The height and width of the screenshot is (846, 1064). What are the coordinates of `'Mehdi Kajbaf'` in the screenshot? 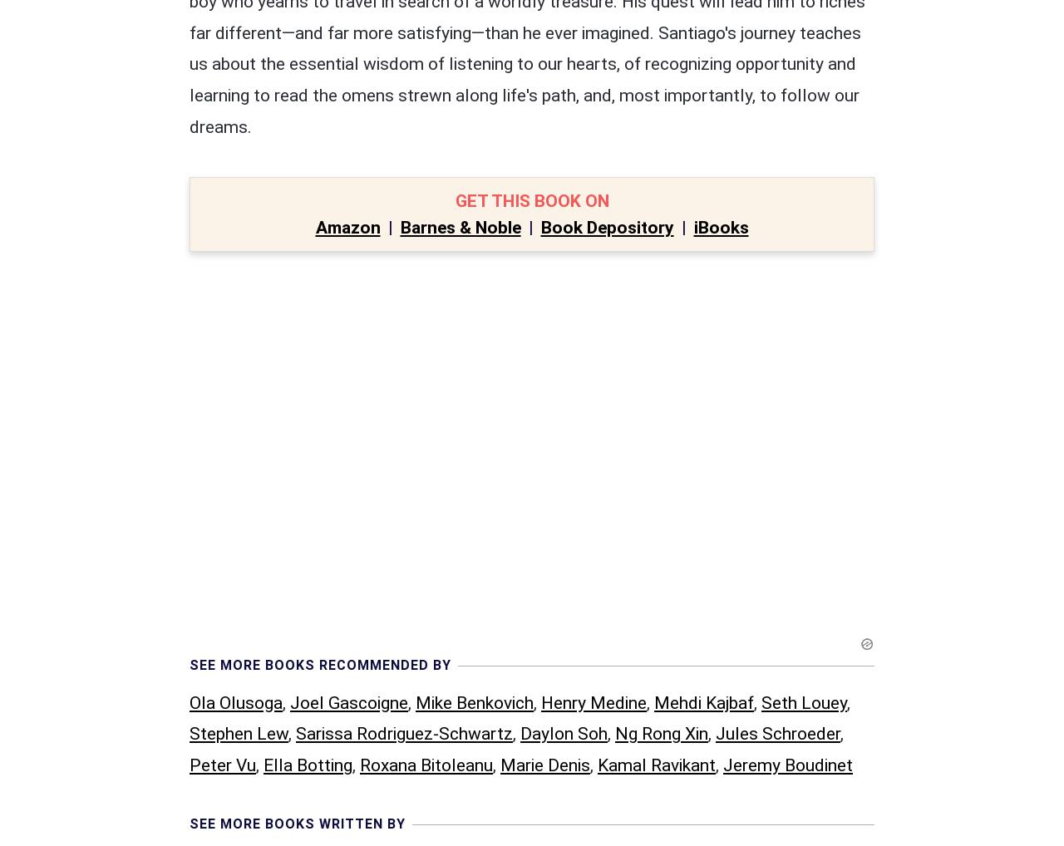 It's located at (703, 357).